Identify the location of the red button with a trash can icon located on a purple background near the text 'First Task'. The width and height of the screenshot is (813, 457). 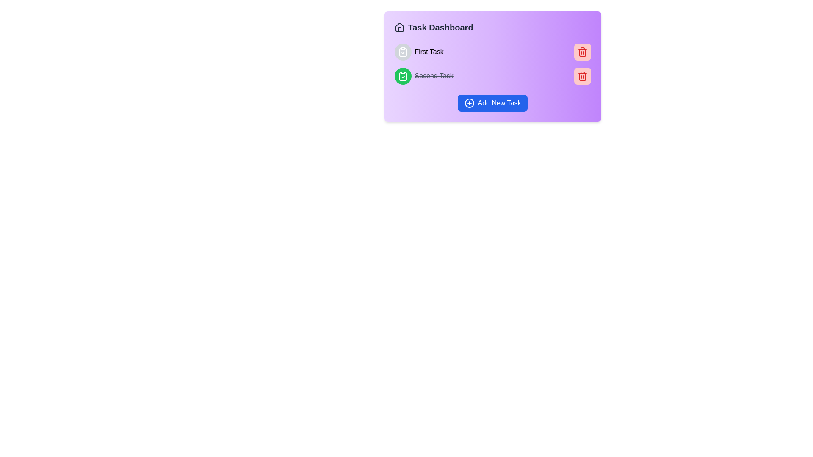
(582, 52).